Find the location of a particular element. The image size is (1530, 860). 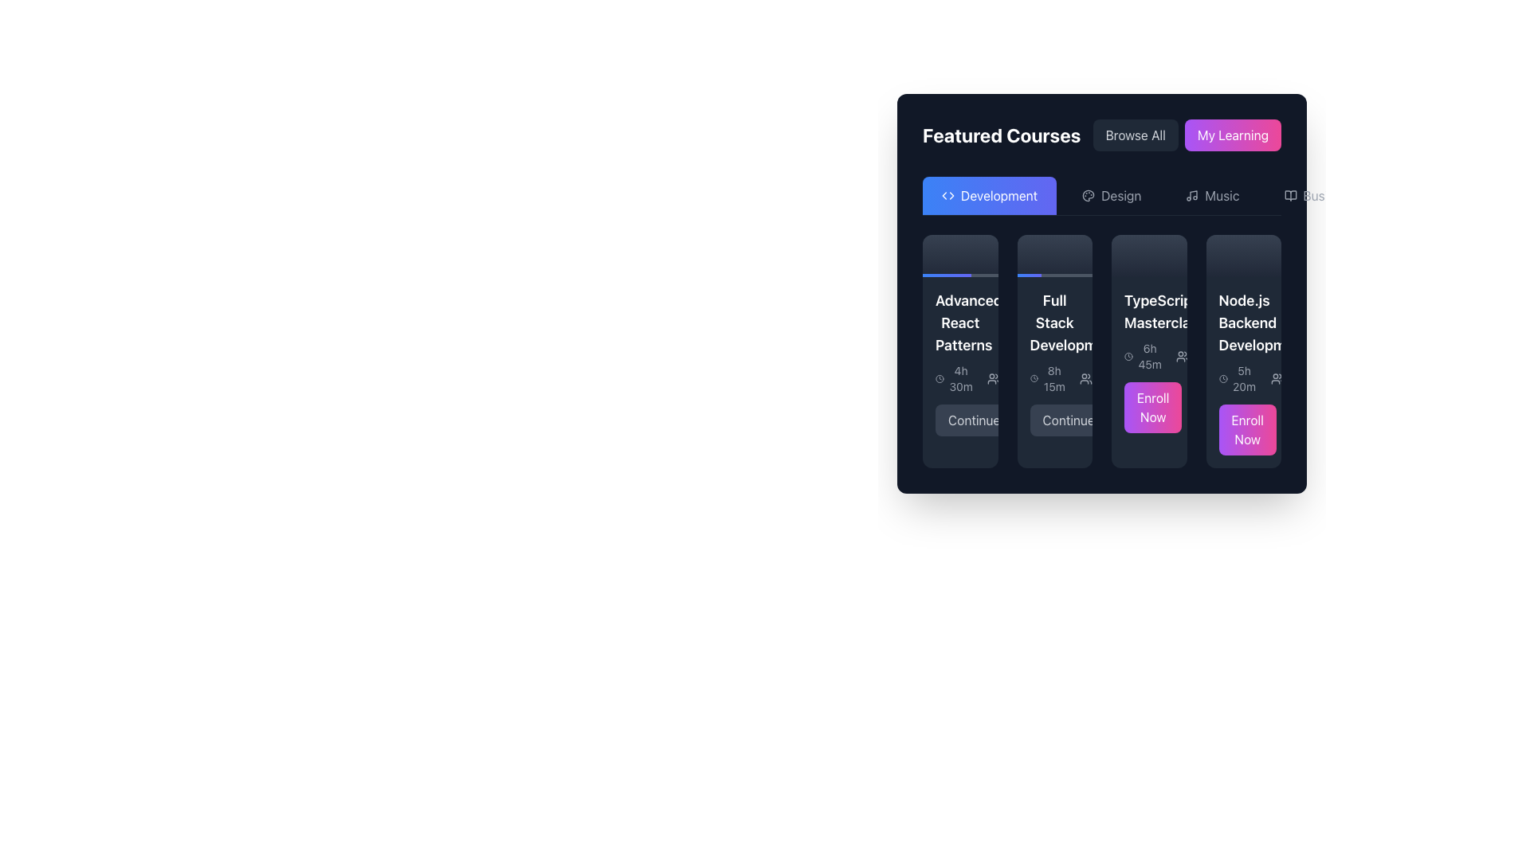

the star-shaped icon used for rating in the 'Featured Courses' section of the 'Node.js Backend Development' card, positioned centrally above the rating count text is located at coordinates (1238, 355).